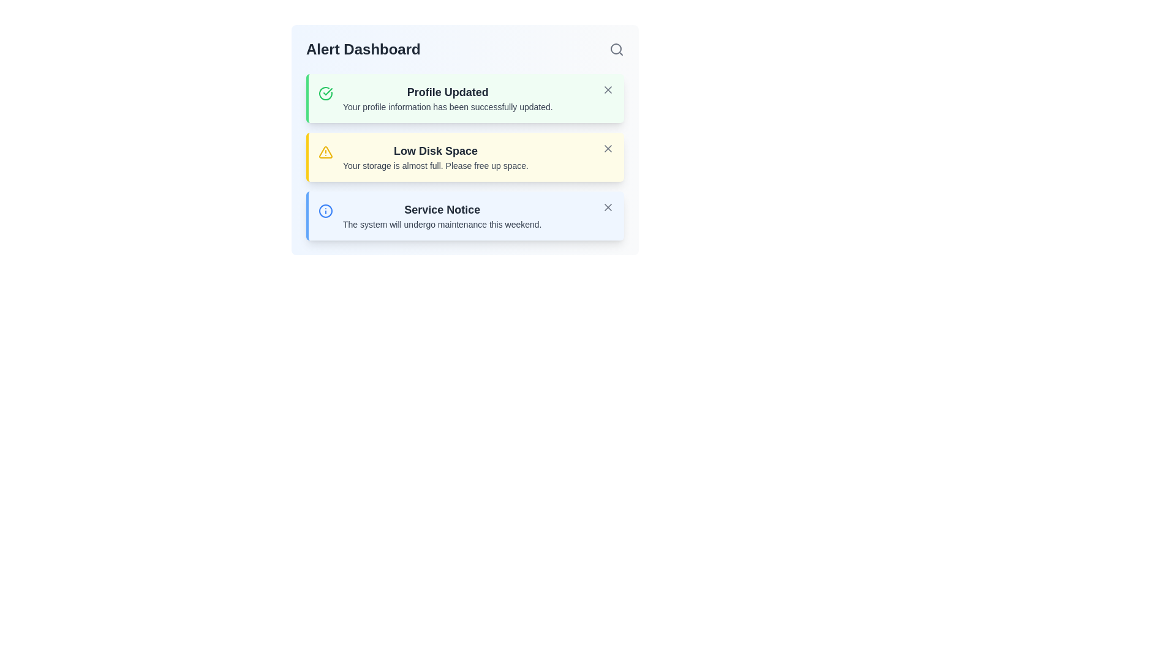 The image size is (1176, 661). What do you see at coordinates (447, 106) in the screenshot?
I see `the informational text element that conveys feedback for successful profile updates, located in the 'Profile Updated' notification section, below the title 'Profile Updated'` at bounding box center [447, 106].